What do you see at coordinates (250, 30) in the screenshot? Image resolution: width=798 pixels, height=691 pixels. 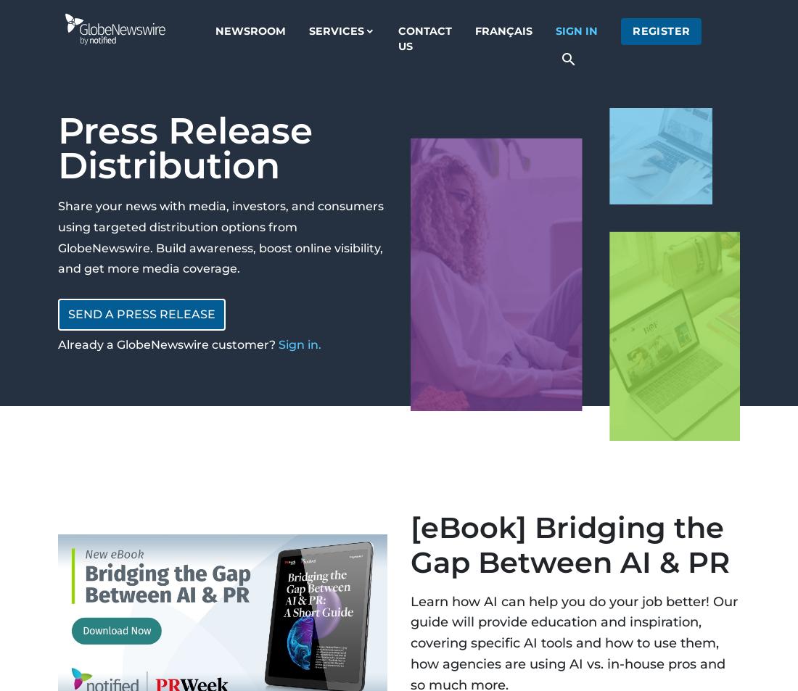 I see `'Newsroom'` at bounding box center [250, 30].